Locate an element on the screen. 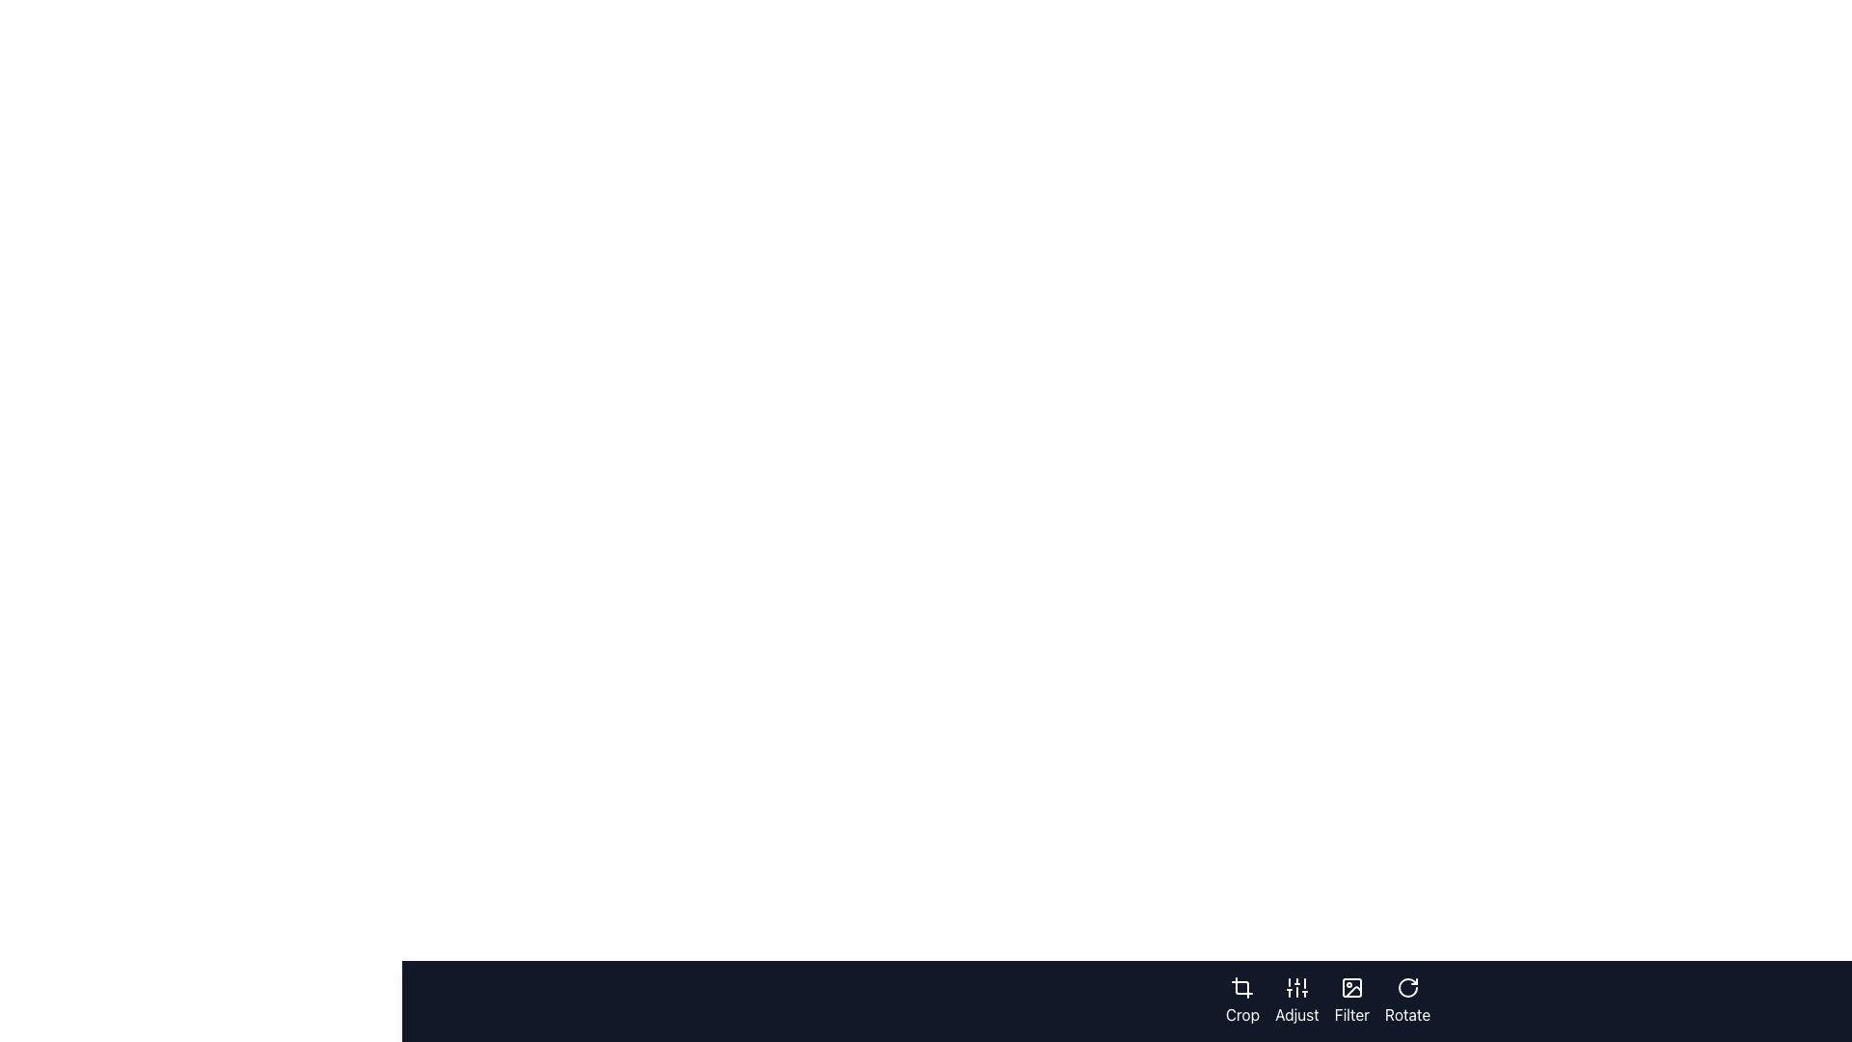 The image size is (1852, 1042). the crop icon located above the text 'Crop' in the vertical group of controls at the bottom center of the interface is located at coordinates (1241, 987).